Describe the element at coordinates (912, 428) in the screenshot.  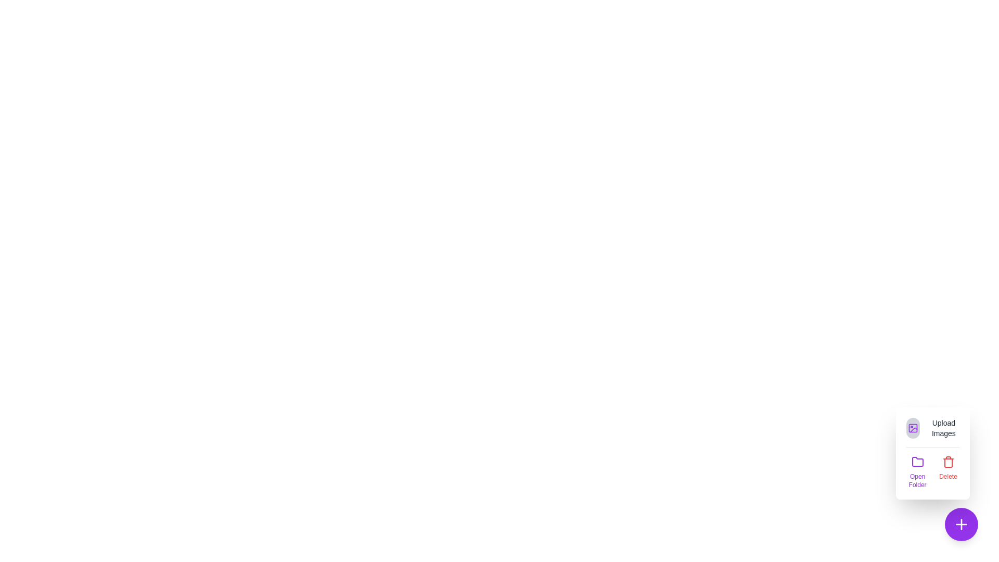
I see `the Circular action button located to the left of the 'Upload Images' text at the bottom-right corner of the interface` at that location.